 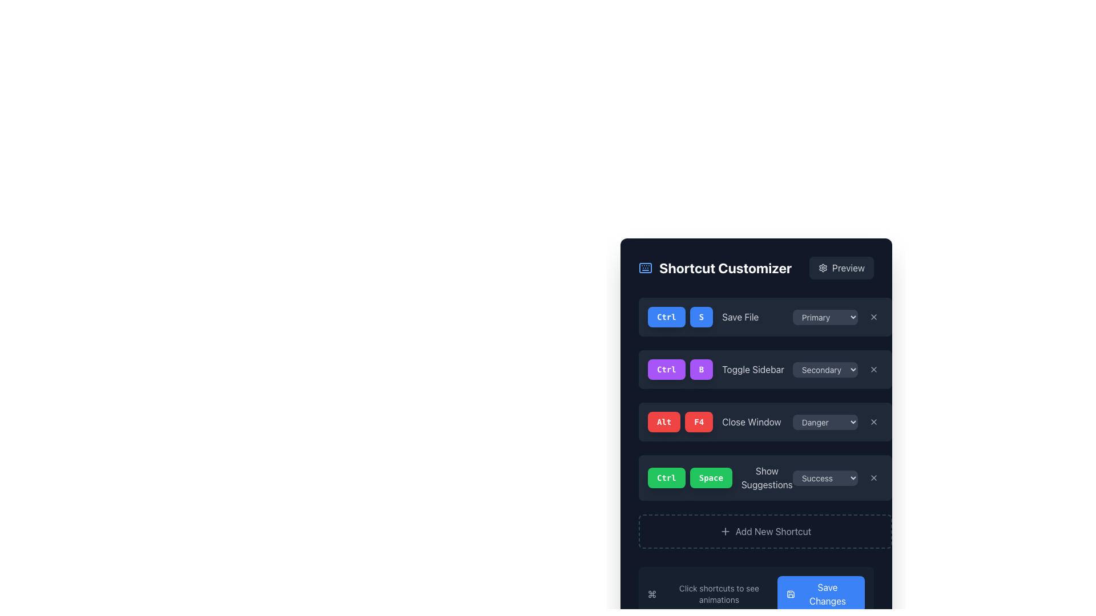 I want to click on the command key icon located at the bottom of the interface, which features four circular shapes forming a square with rounded edges, adjacent to the text 'Click shortcuts to see animations', so click(x=652, y=593).